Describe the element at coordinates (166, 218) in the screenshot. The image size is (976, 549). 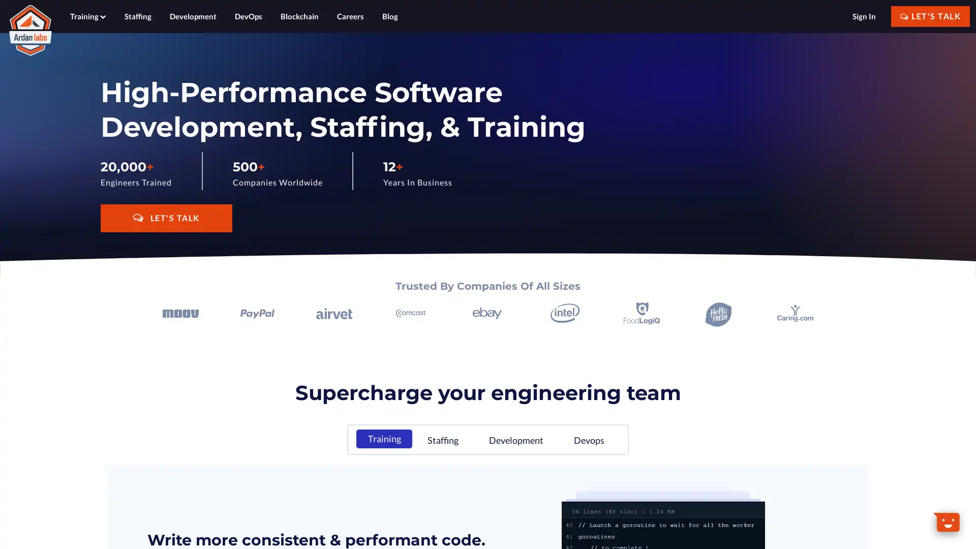
I see `LET'S TALK` at that location.